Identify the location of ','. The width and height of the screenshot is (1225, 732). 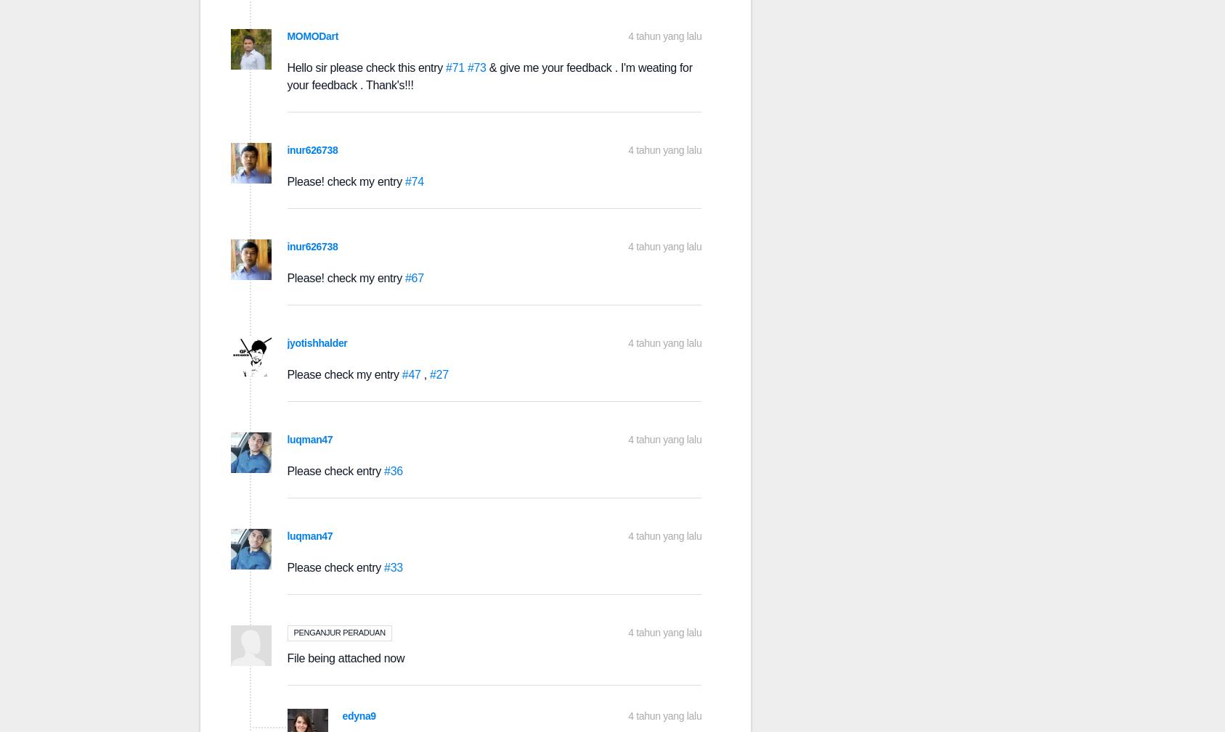
(423, 374).